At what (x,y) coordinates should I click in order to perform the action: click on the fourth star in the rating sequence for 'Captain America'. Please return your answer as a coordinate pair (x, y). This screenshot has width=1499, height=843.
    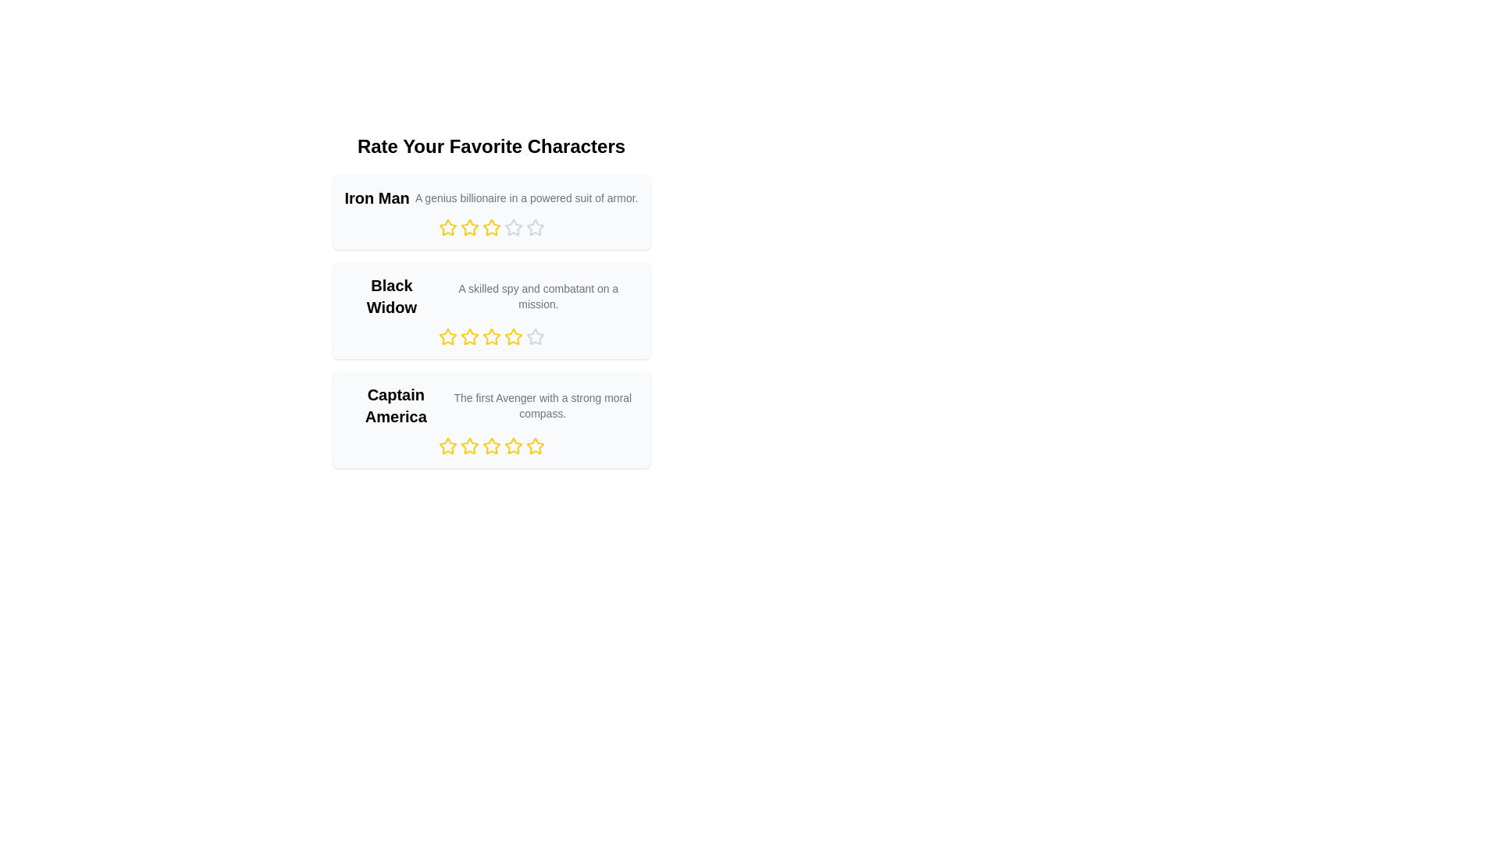
    Looking at the image, I should click on (513, 446).